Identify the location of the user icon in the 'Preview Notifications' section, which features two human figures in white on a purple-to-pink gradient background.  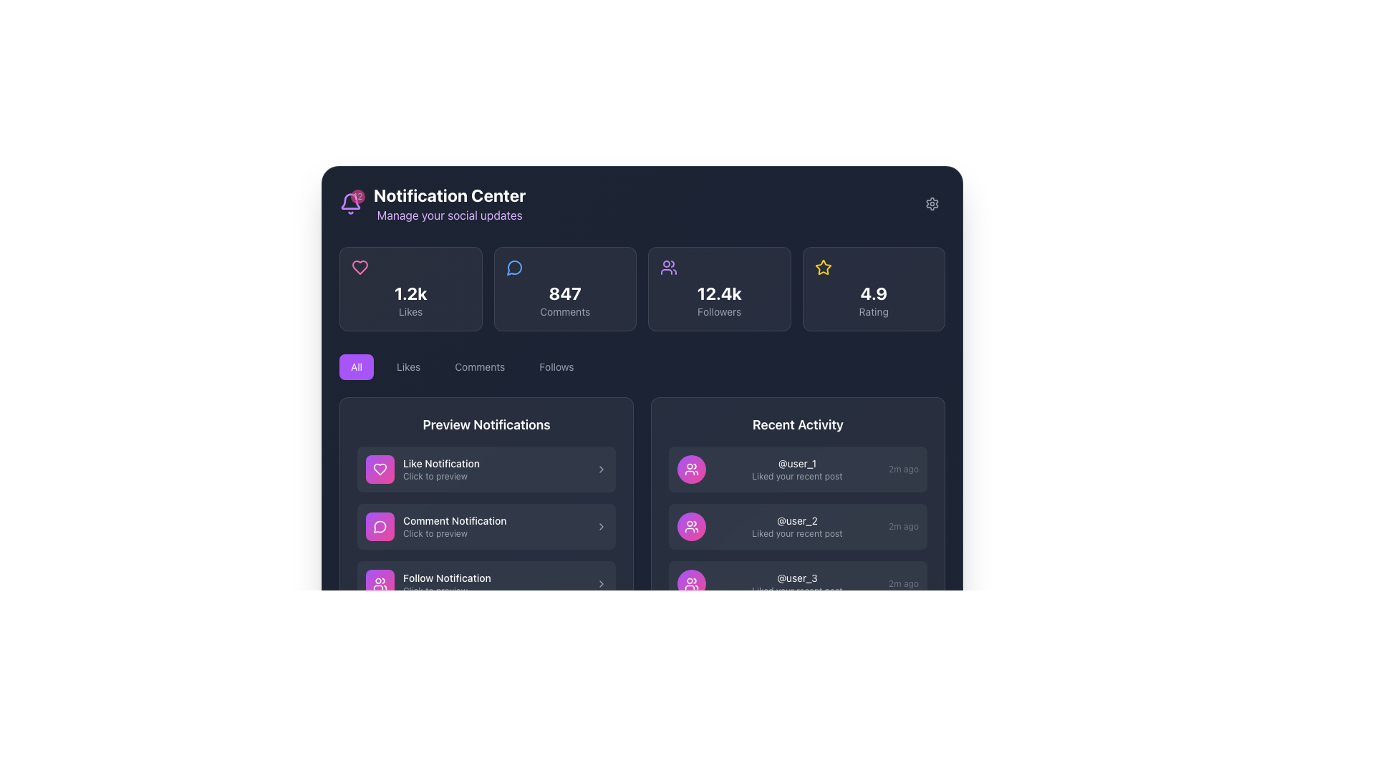
(380, 584).